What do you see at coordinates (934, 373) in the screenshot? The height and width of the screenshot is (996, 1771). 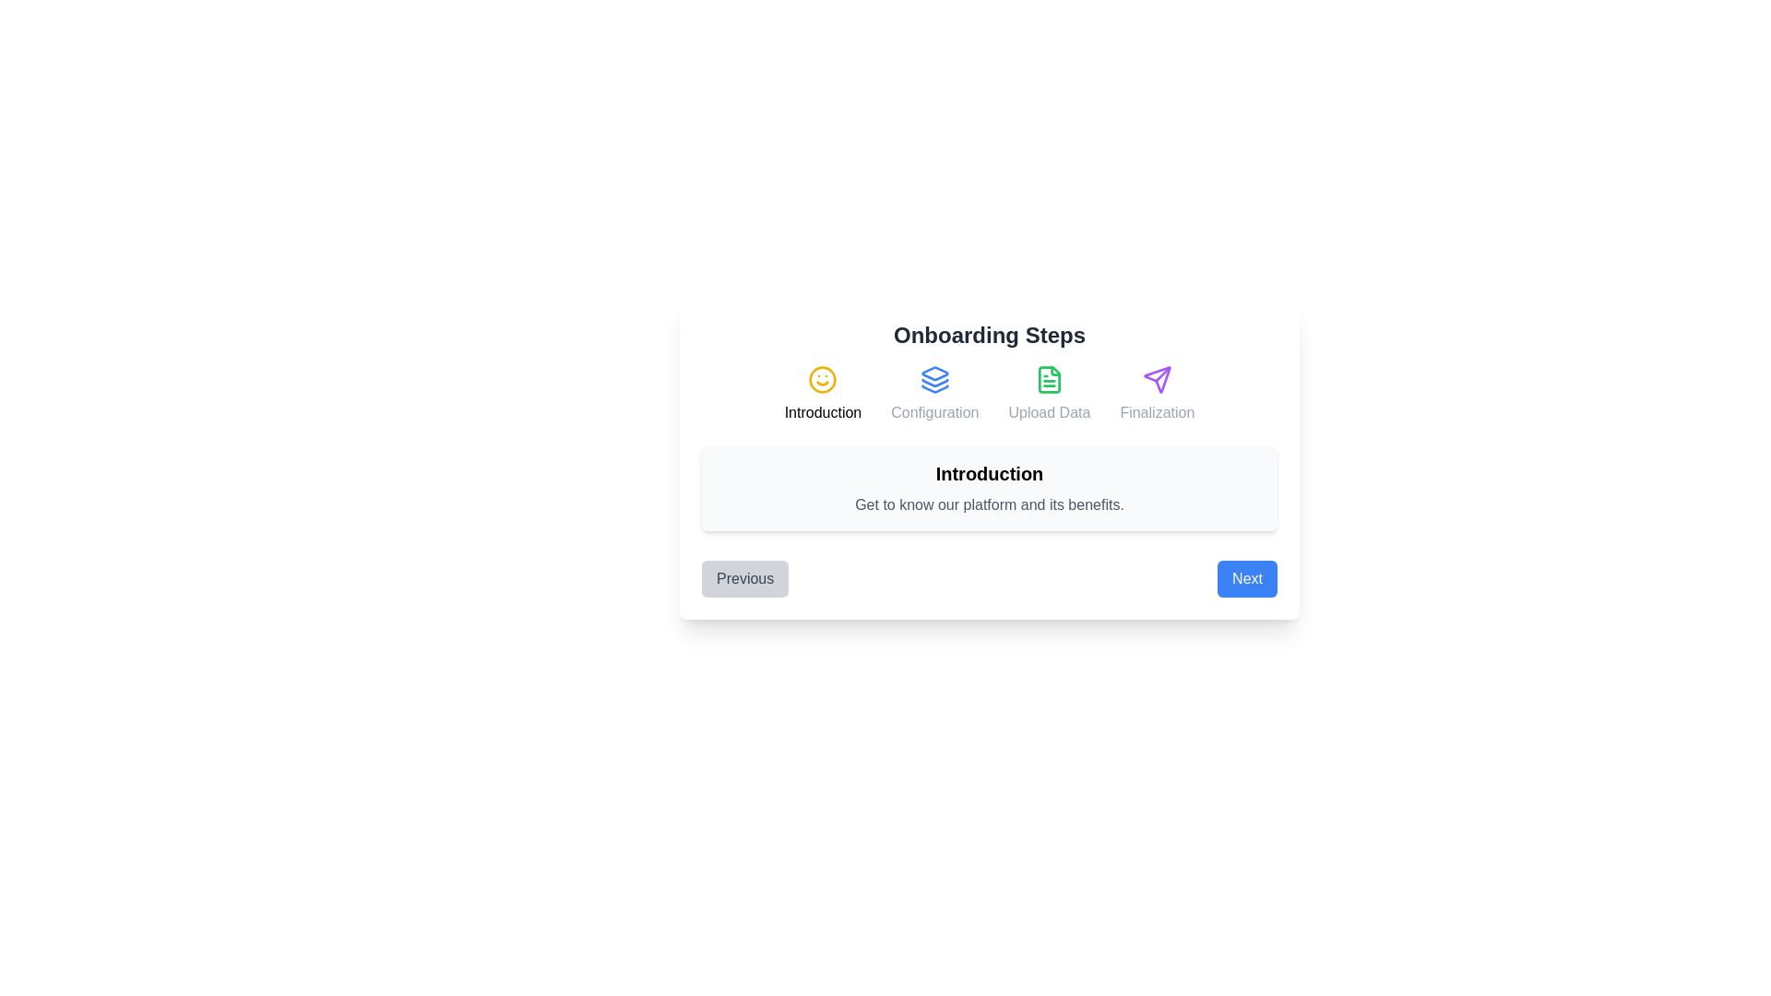 I see `the decorative vector graphic element shaped like a tilted, layered rhombus, which is the first component in the 'Configuration' step icon during the onboarding process` at bounding box center [934, 373].